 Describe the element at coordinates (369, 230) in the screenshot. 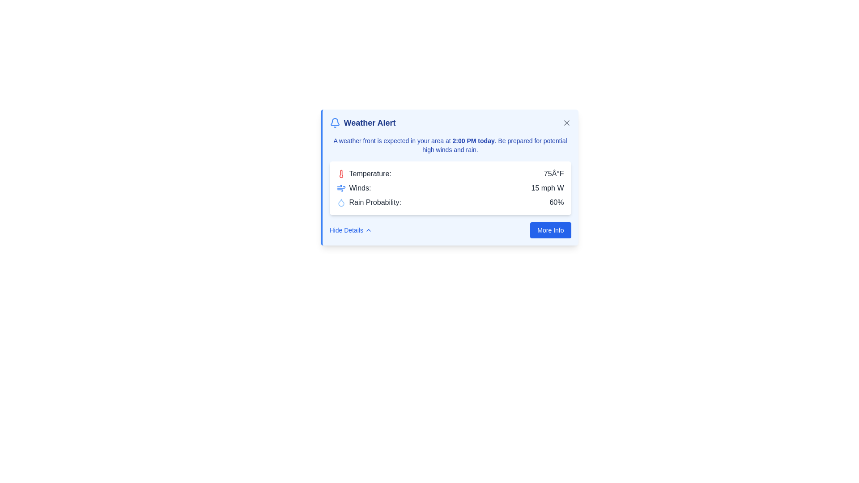

I see `the chevron icon located to the right of the 'Hide Details' text in the weather alert dialog` at that location.